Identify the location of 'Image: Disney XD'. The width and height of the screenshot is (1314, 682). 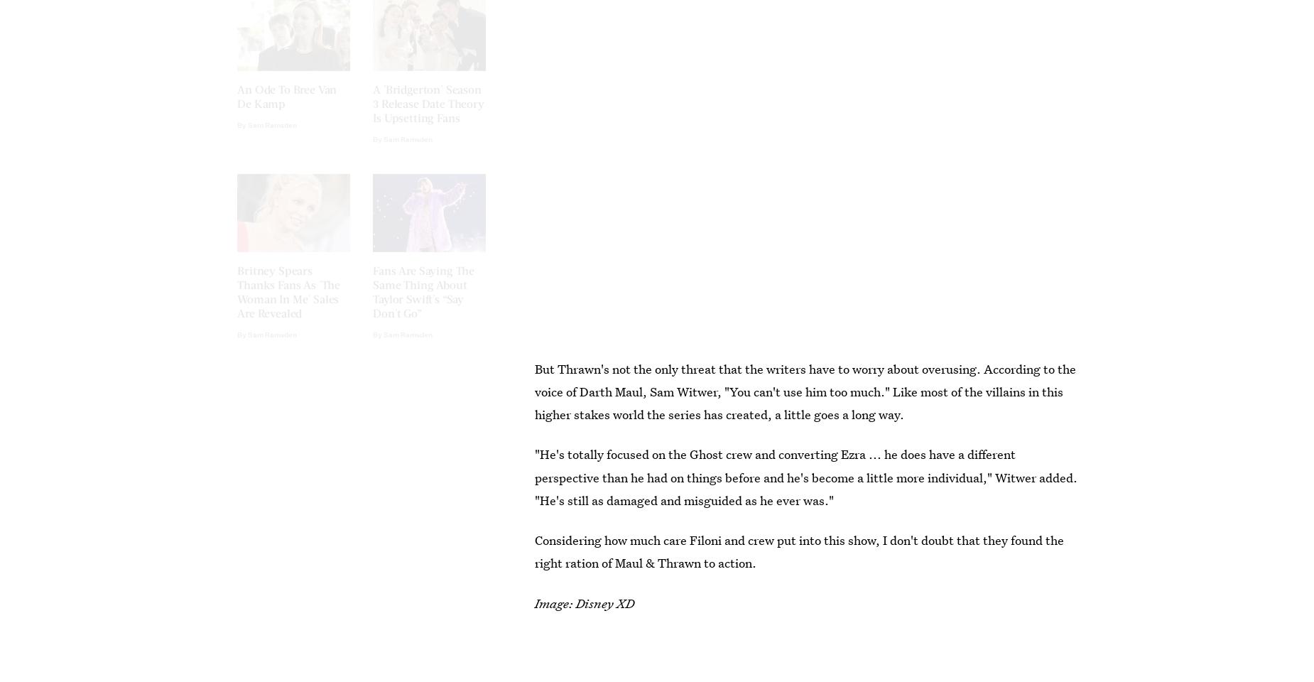
(534, 602).